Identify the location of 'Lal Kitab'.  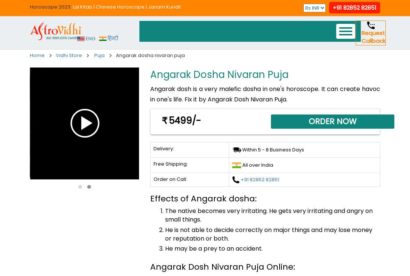
(82, 6).